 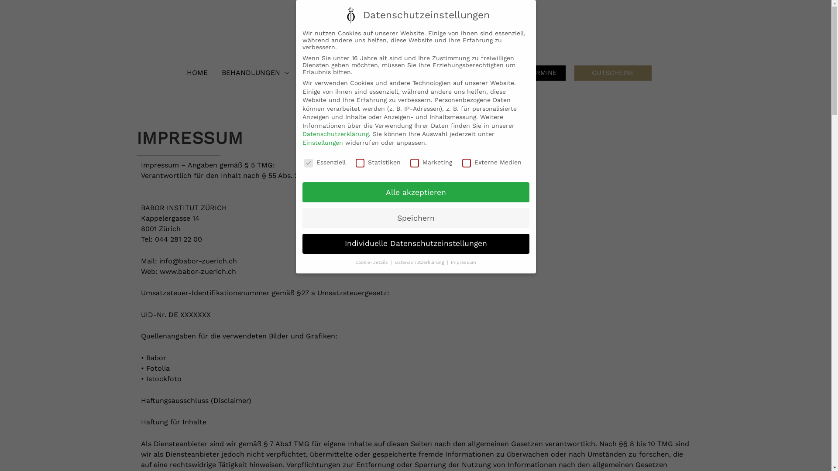 I want to click on 'BLOG', so click(x=364, y=72).